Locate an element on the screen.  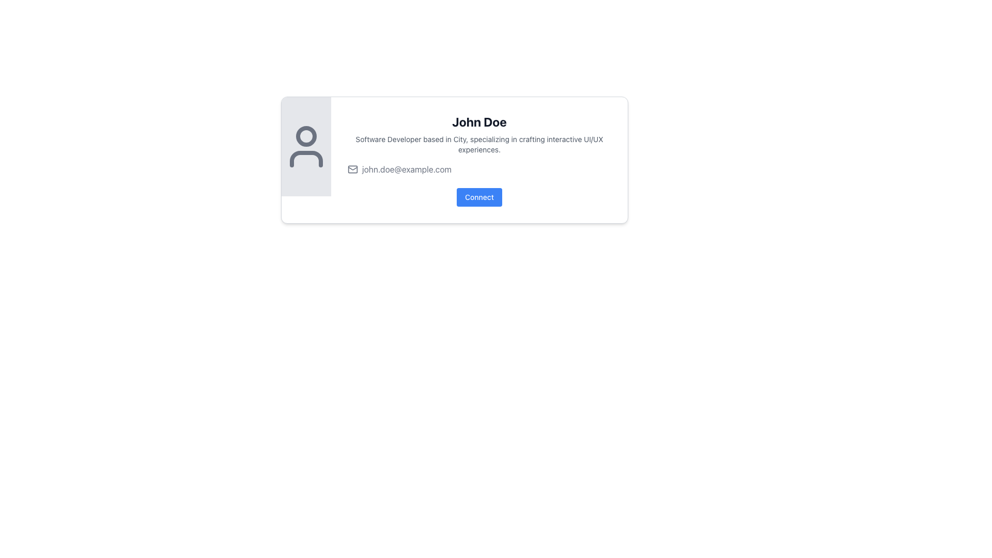
text that states 'Software Developer based in City, specializing in crafting interactive UI/UX experiences.' which is located below the title 'John Doe' is located at coordinates (478, 145).